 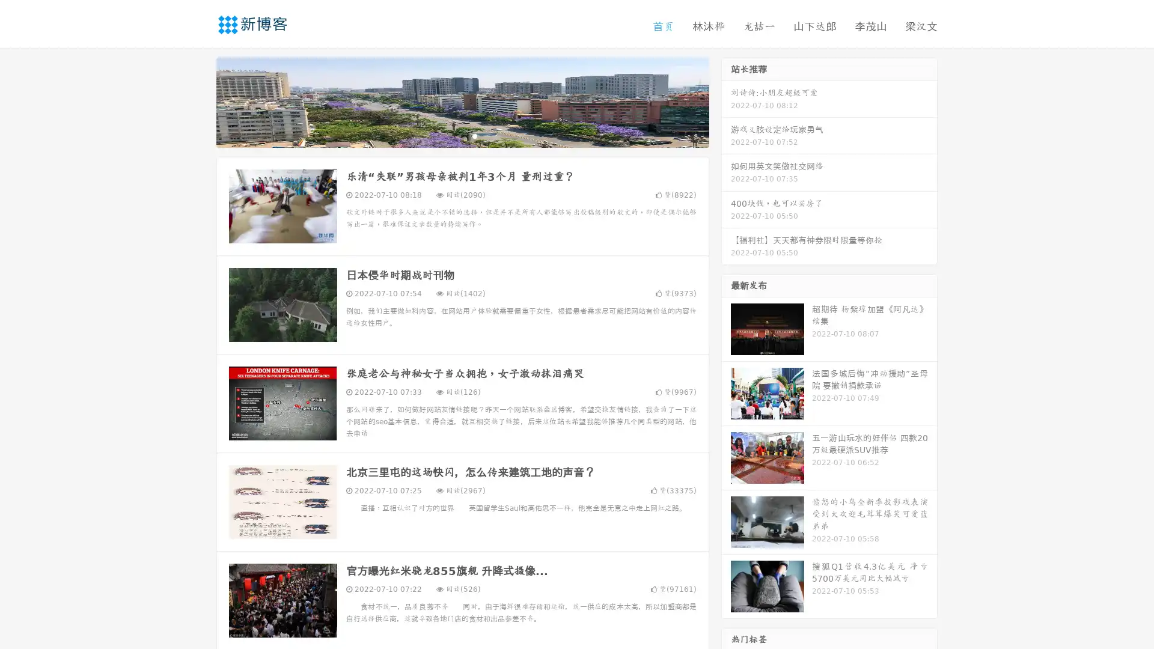 What do you see at coordinates (474, 135) in the screenshot?
I see `Go to slide 3` at bounding box center [474, 135].